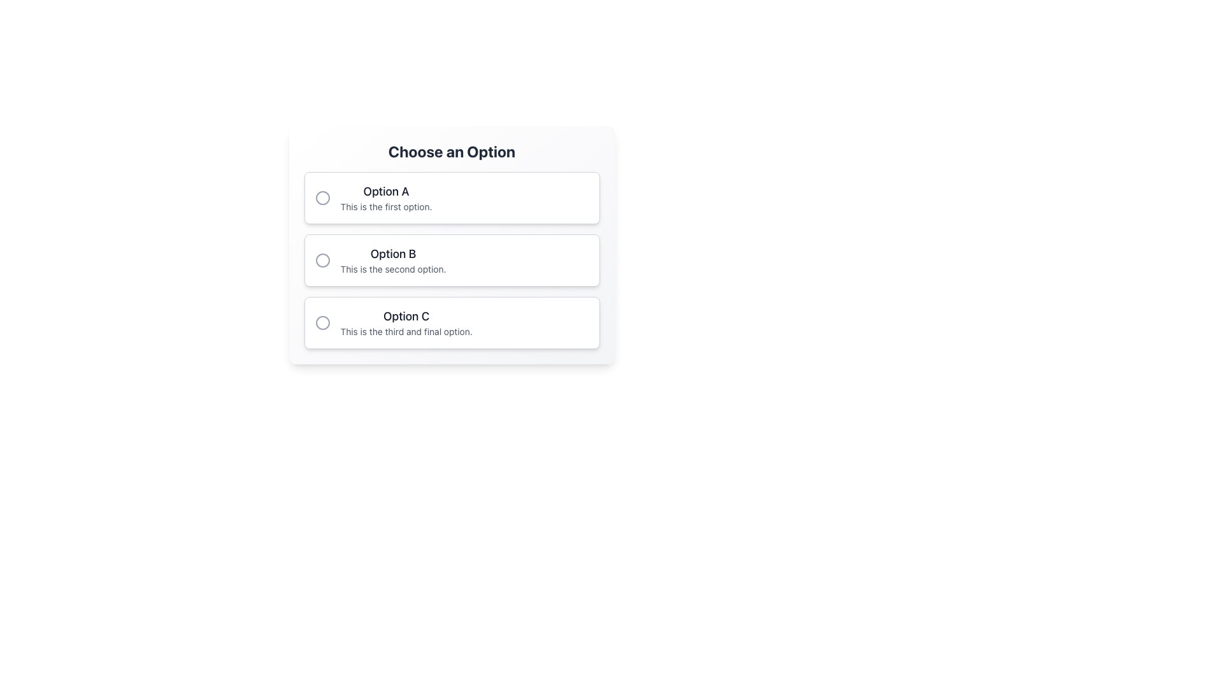 The image size is (1223, 688). Describe the element at coordinates (385, 191) in the screenshot. I see `the static text label that identifies the first selectable option in a vertical list, positioned above the descriptive text and to the right of the associated radio button` at that location.